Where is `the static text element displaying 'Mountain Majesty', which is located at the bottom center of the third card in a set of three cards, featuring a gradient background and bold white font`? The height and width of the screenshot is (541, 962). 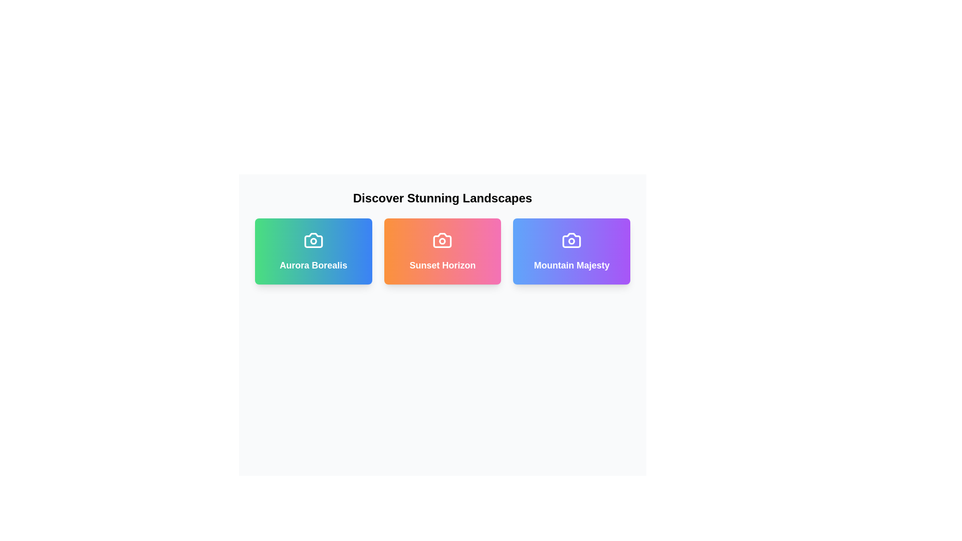
the static text element displaying 'Mountain Majesty', which is located at the bottom center of the third card in a set of three cards, featuring a gradient background and bold white font is located at coordinates (572, 264).